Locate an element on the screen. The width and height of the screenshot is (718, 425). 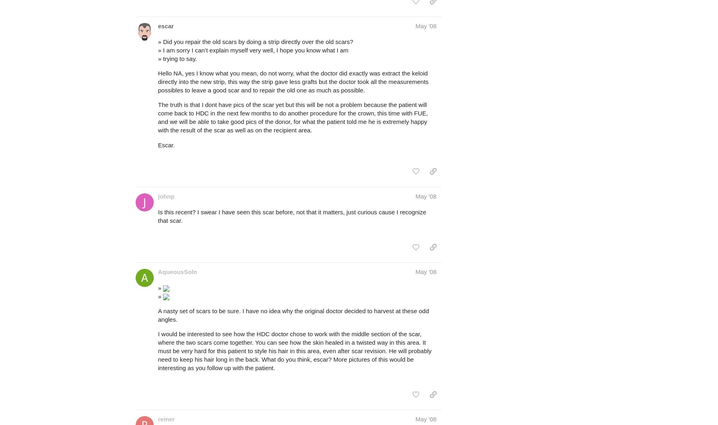
'» I am sorry I can’t explain myself very well, I hope you know what I am' is located at coordinates (252, 50).